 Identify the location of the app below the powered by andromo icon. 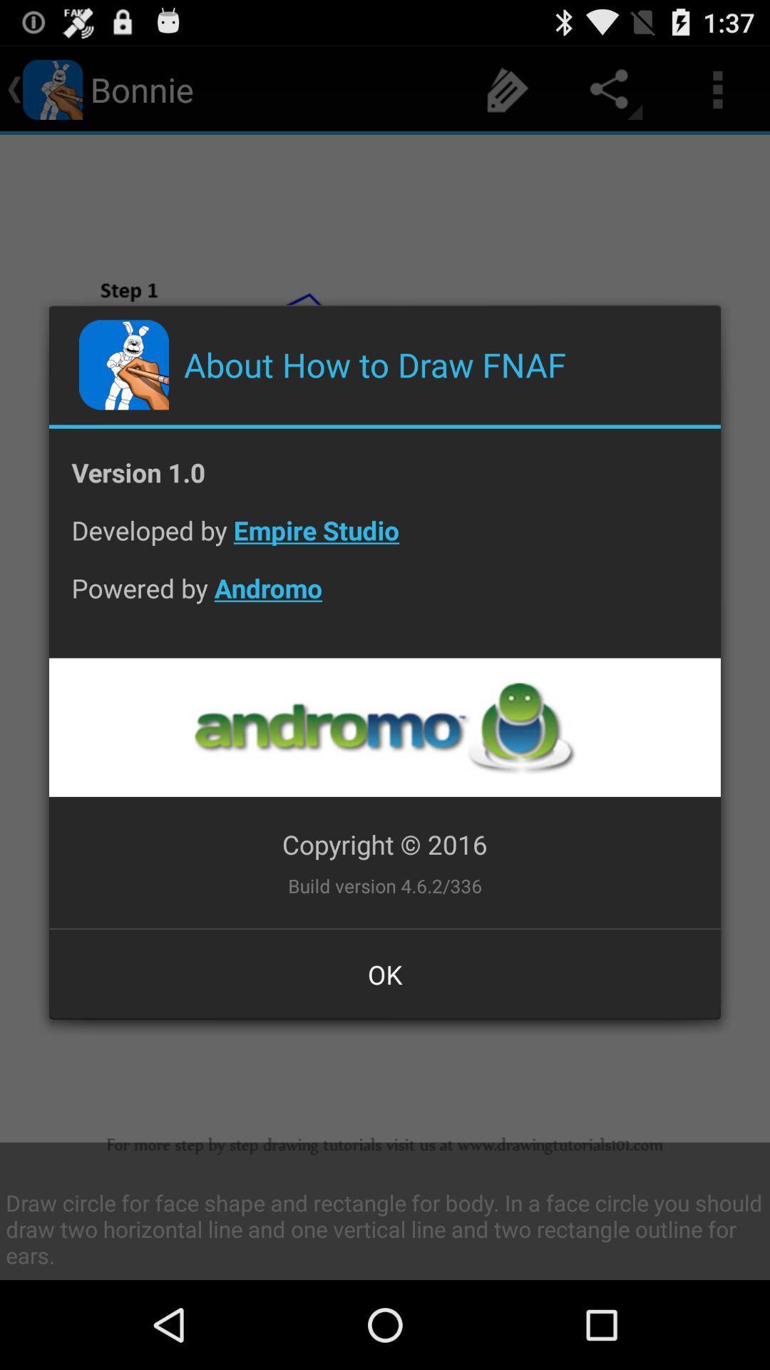
(384, 727).